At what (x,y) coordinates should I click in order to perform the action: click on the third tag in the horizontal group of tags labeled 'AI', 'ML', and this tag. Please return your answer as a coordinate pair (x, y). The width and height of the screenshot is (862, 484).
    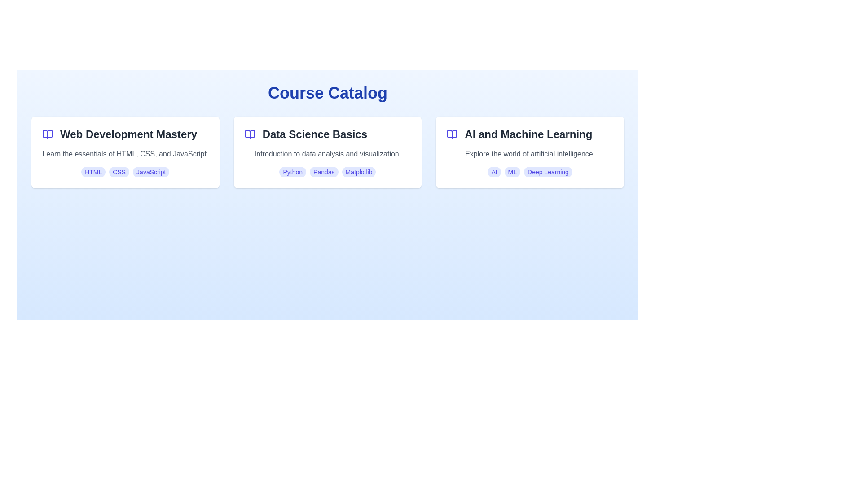
    Looking at the image, I should click on (547, 172).